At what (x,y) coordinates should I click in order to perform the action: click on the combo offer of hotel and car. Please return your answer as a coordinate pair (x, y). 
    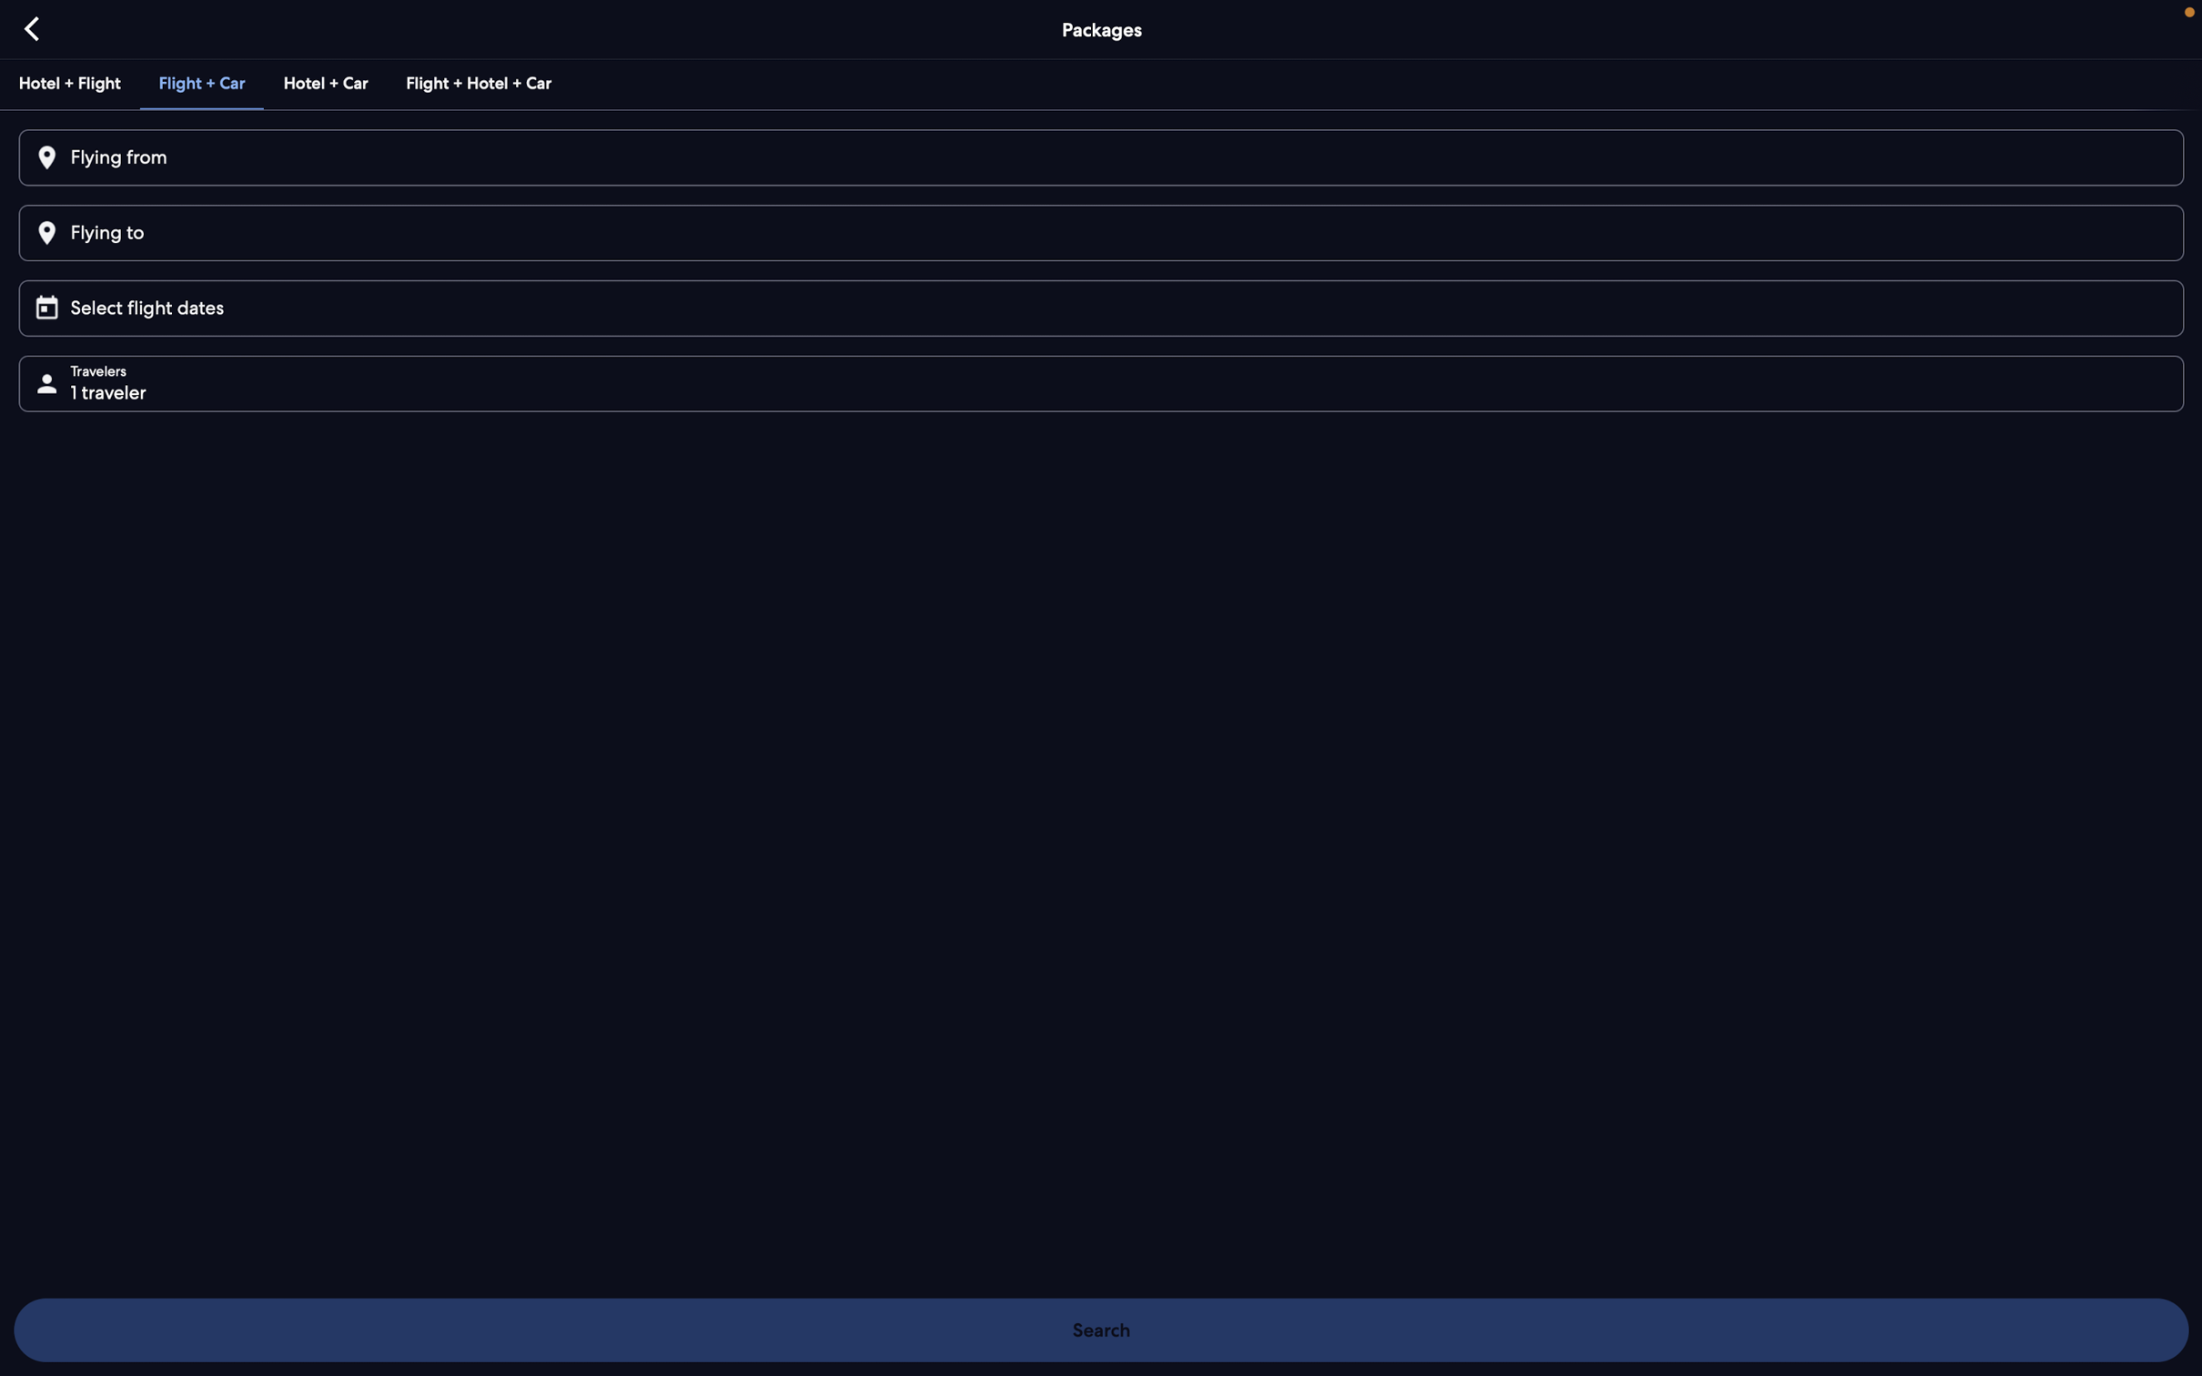
    Looking at the image, I should click on (326, 80).